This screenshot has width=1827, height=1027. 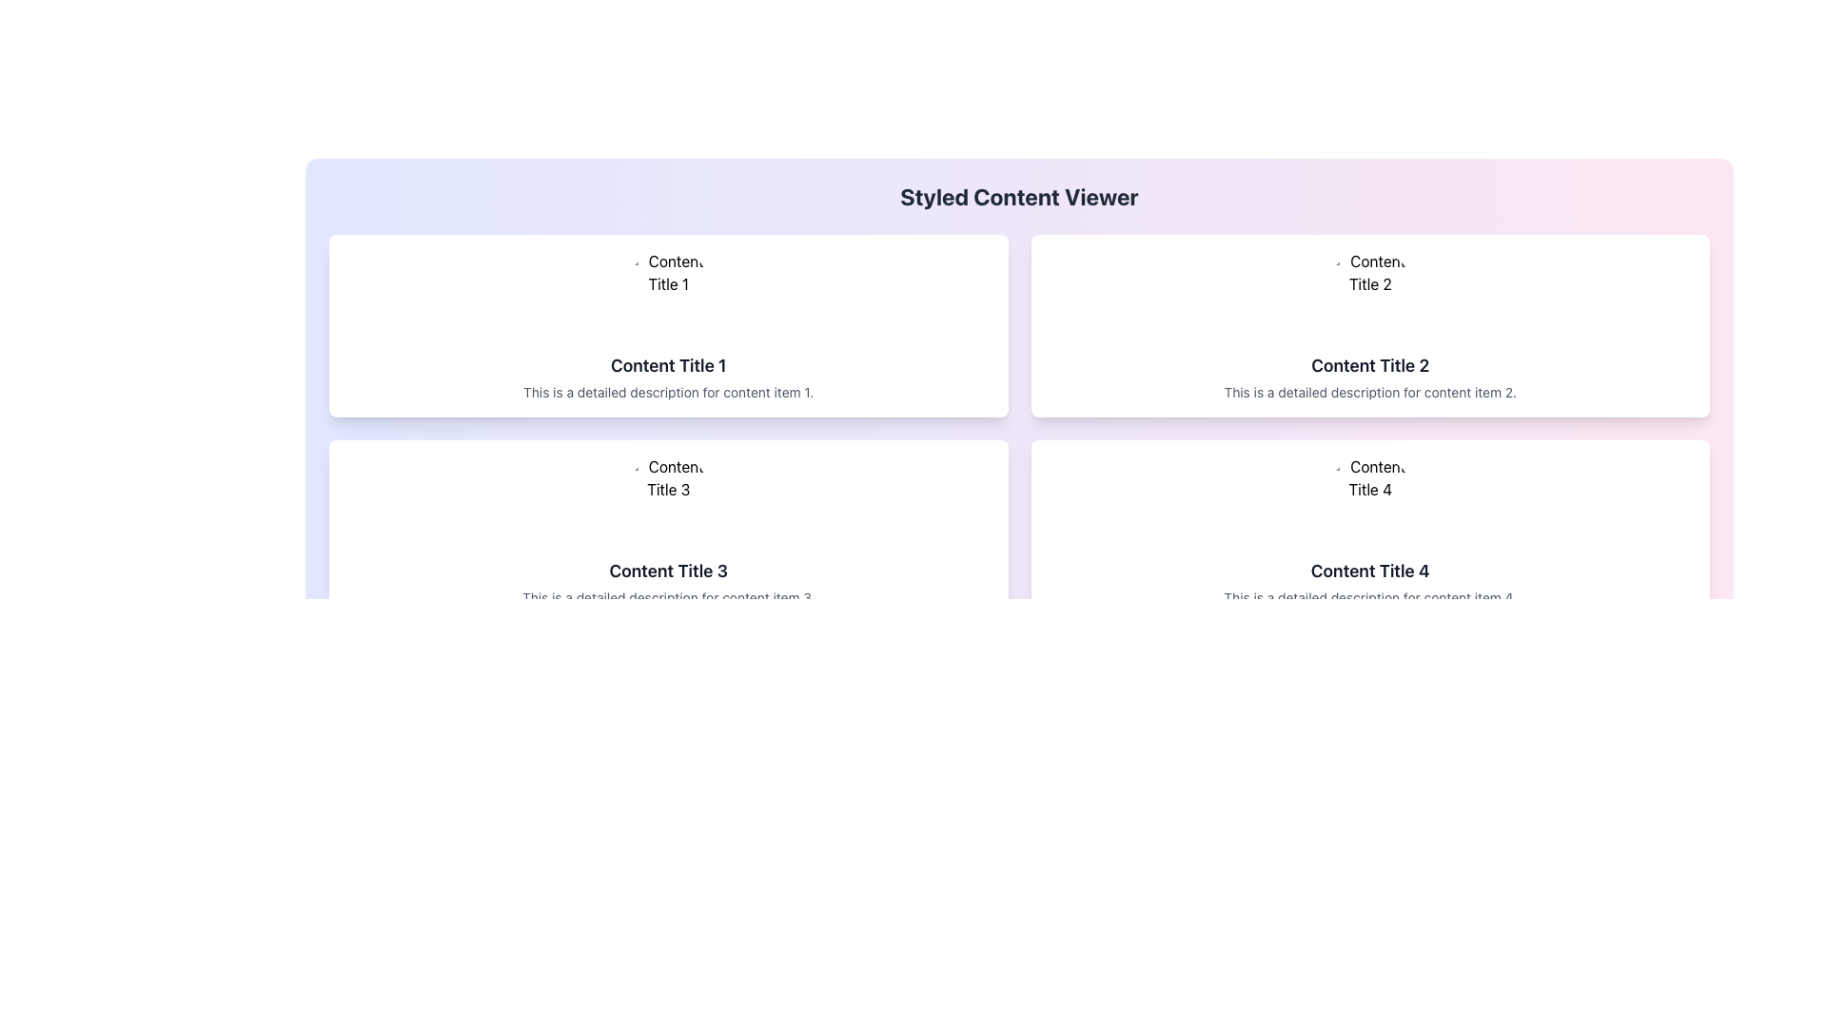 I want to click on the circular image representing 'Content Title 2', so click(x=1370, y=296).